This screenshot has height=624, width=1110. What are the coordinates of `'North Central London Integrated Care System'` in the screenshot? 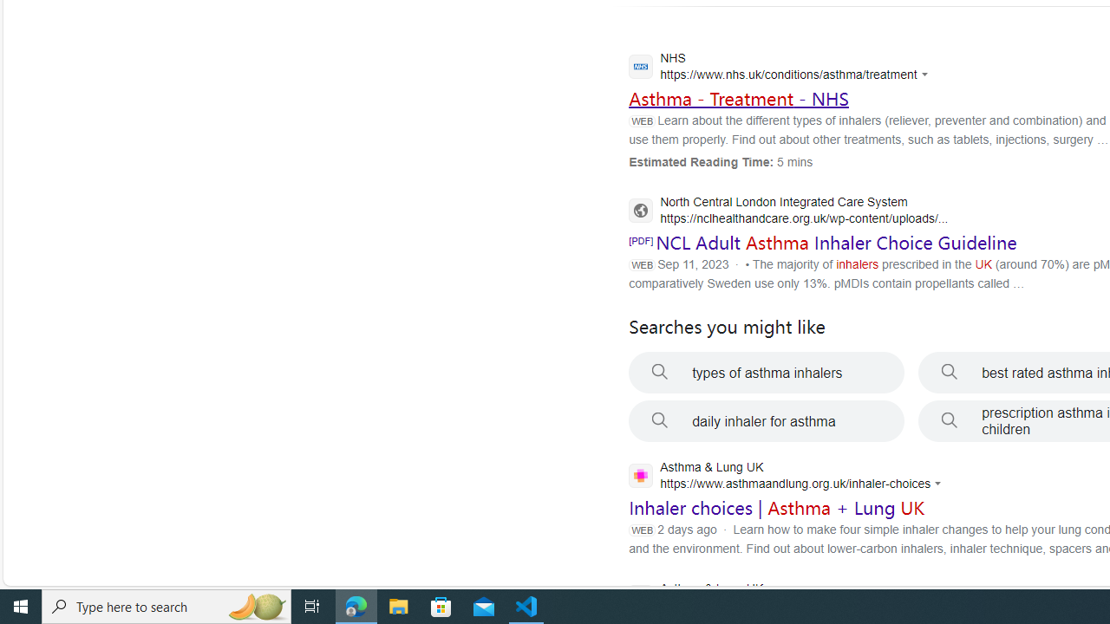 It's located at (787, 211).